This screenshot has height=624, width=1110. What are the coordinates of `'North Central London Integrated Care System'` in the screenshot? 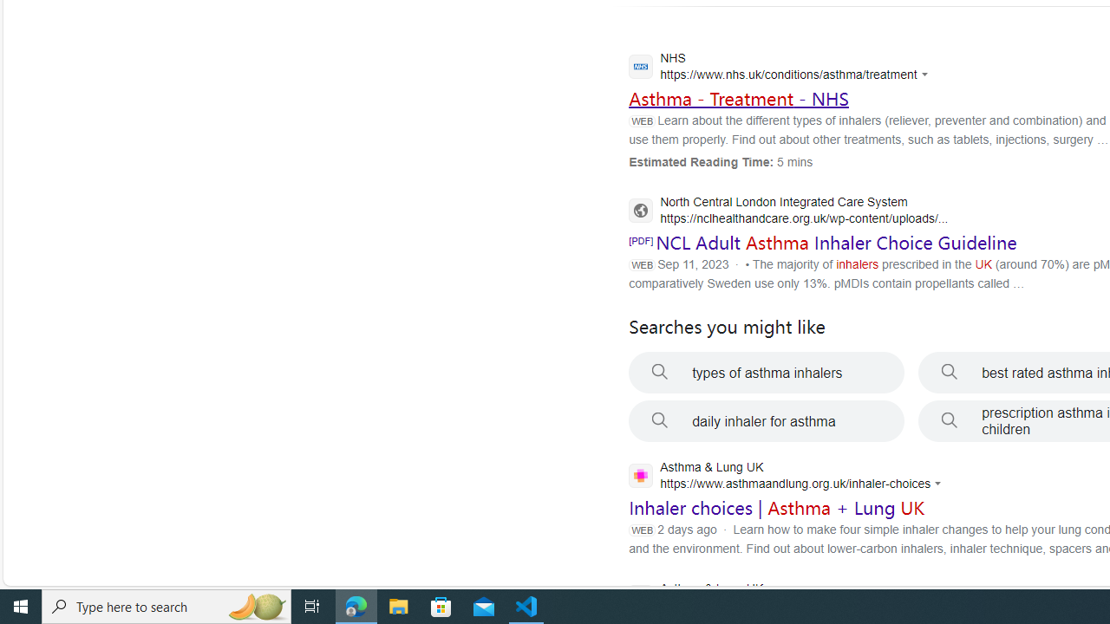 It's located at (787, 211).